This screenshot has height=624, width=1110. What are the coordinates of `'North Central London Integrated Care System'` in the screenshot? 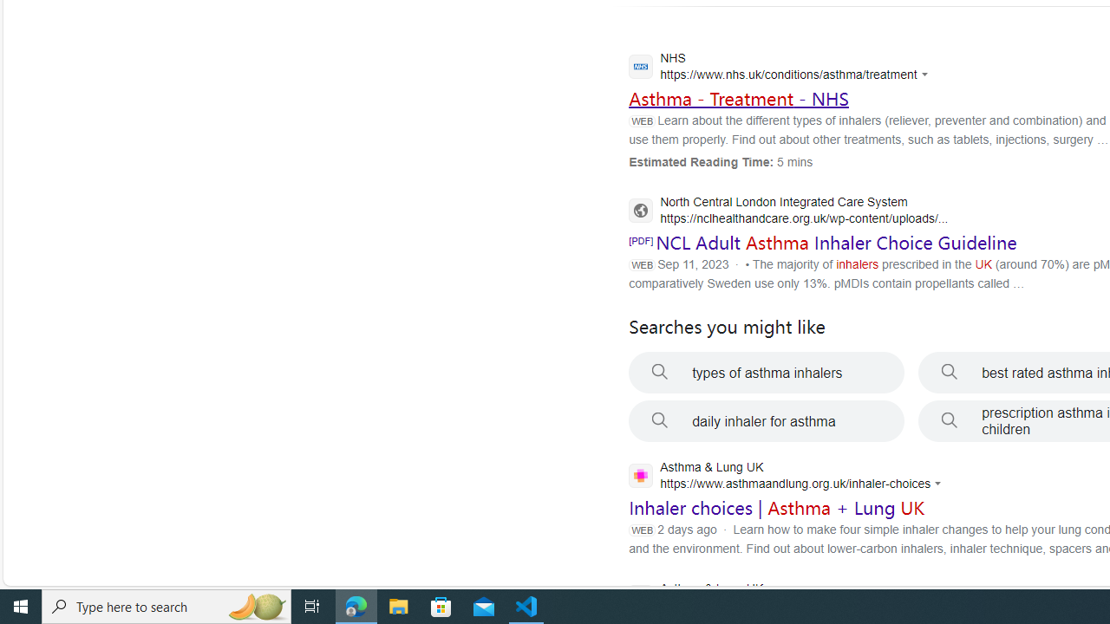 It's located at (787, 211).